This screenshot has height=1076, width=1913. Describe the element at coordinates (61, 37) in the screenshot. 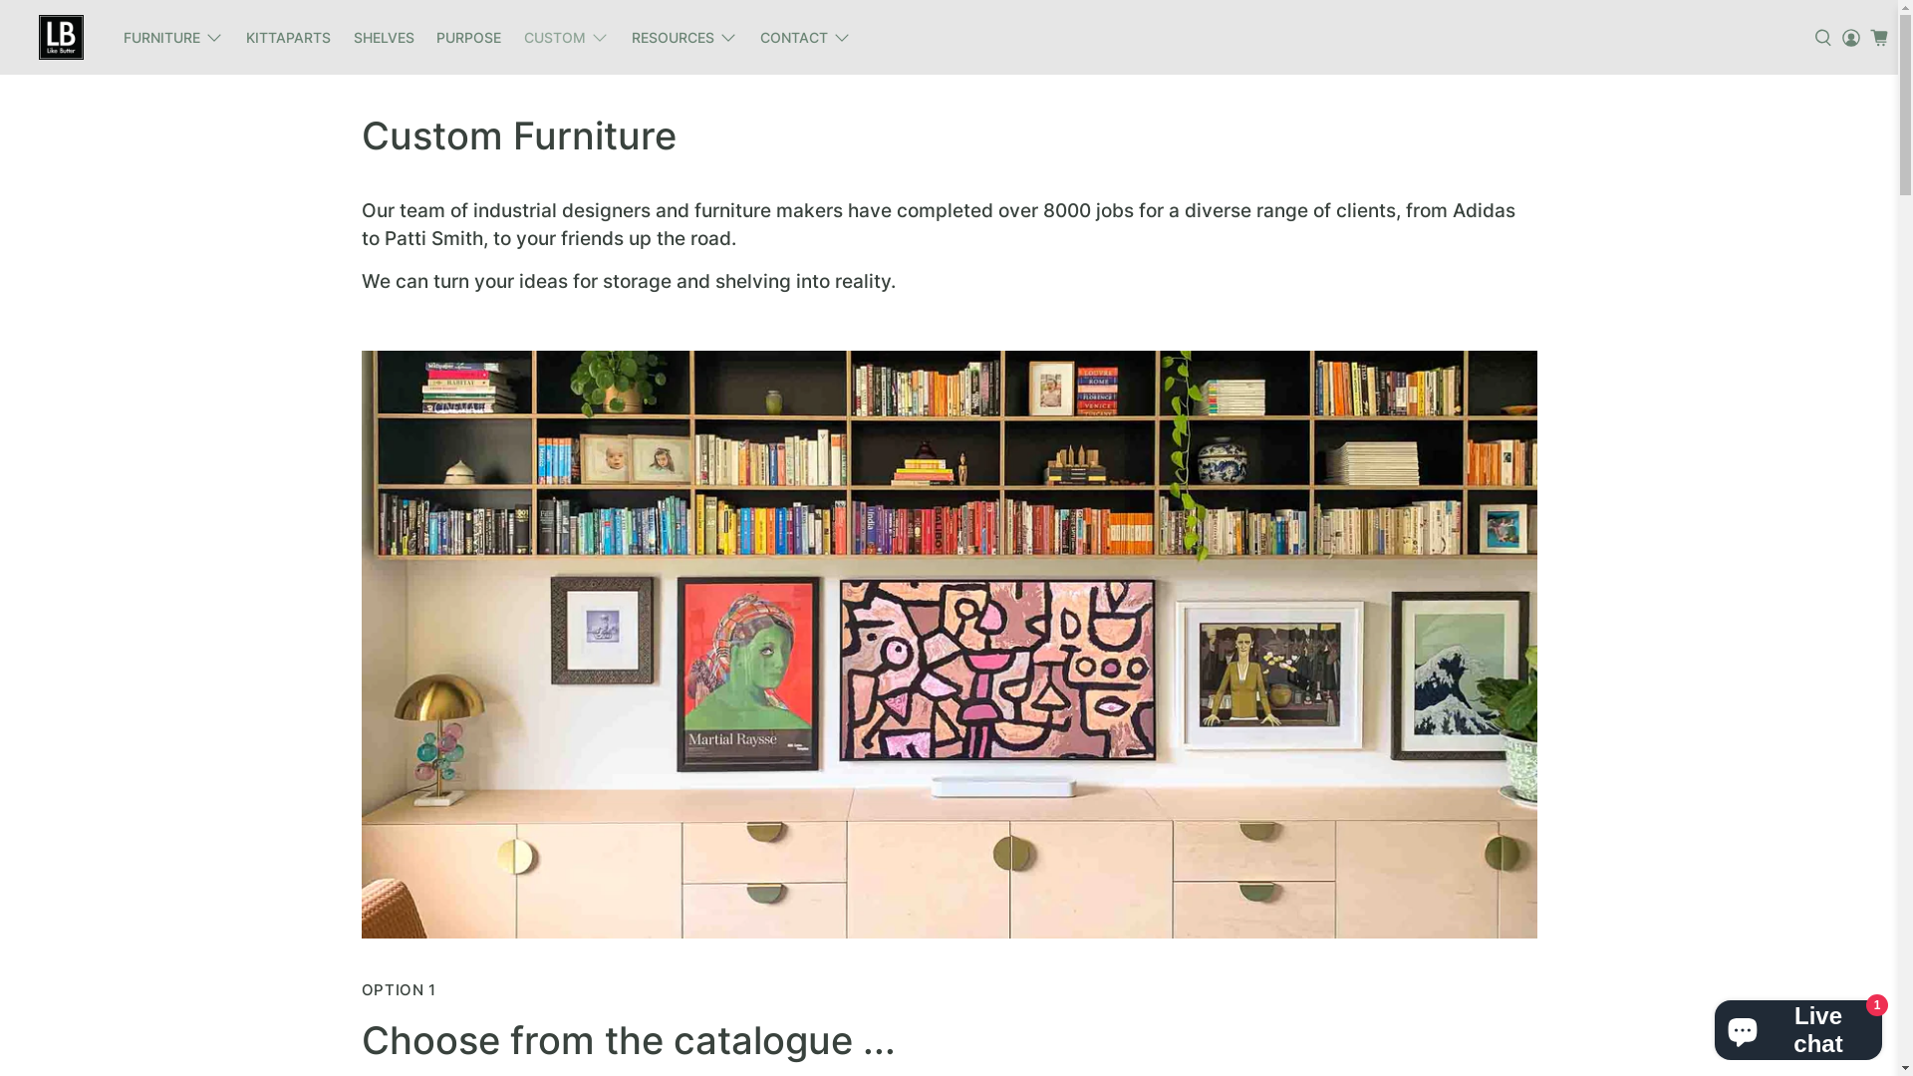

I see `'Like Butter Pty Ltd'` at that location.